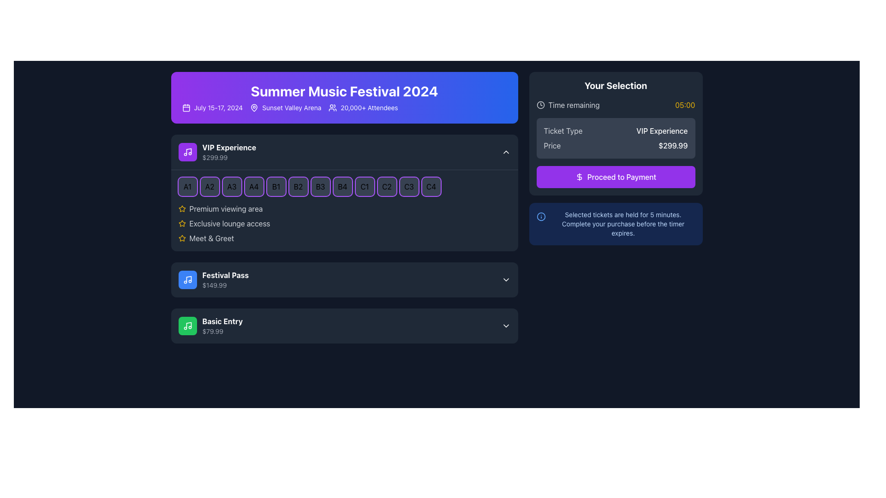 Image resolution: width=886 pixels, height=498 pixels. I want to click on the Promotional Banner displaying 'Summer Music Festival 2024' with gradient colors in purple and blue, so click(344, 98).